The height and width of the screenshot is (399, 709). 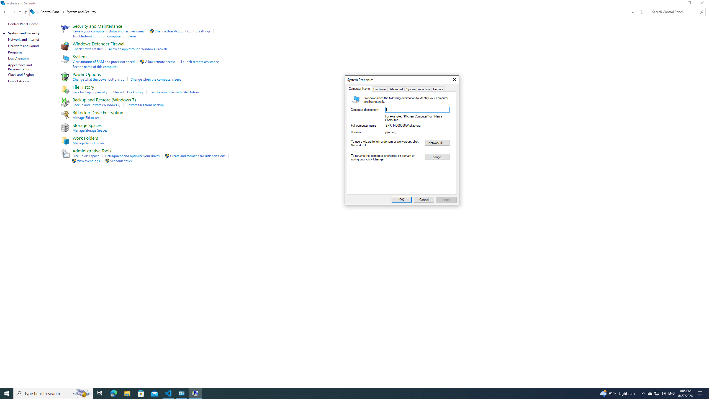 What do you see at coordinates (437, 156) in the screenshot?
I see `'Change...'` at bounding box center [437, 156].